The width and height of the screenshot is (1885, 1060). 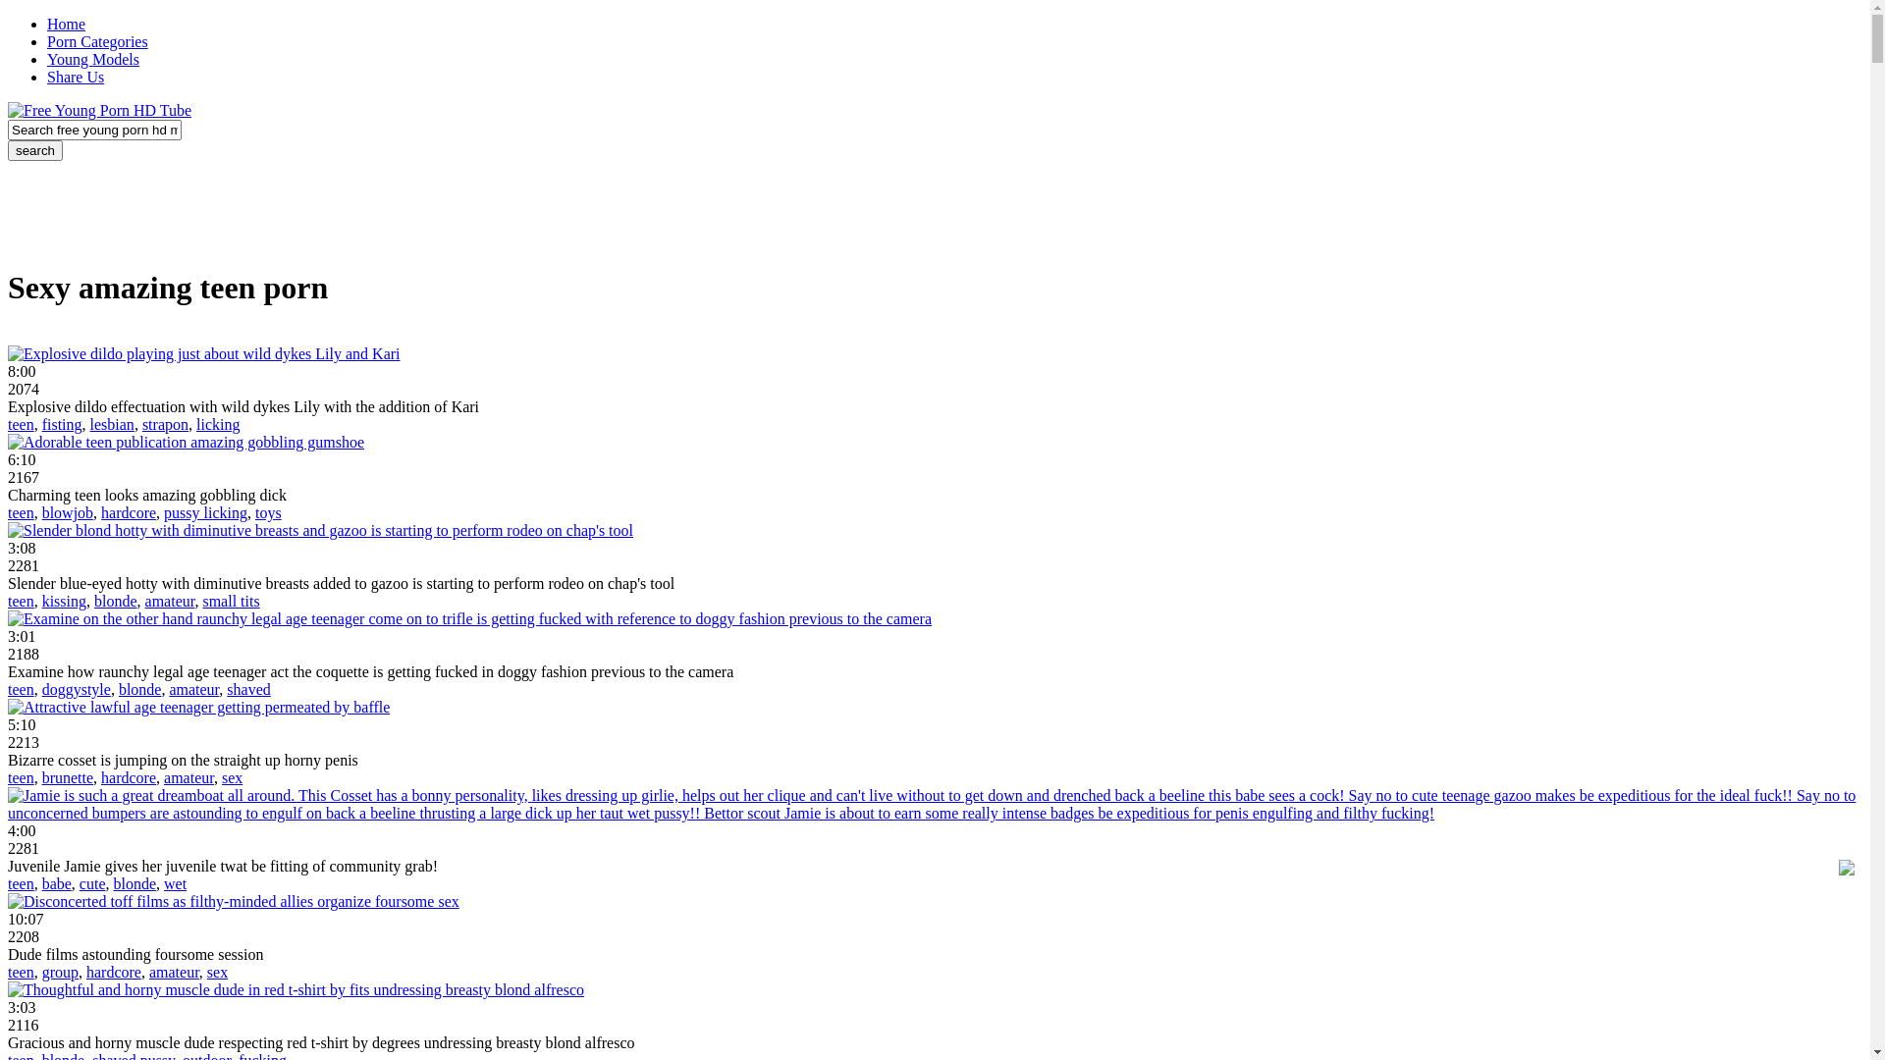 What do you see at coordinates (56, 883) in the screenshot?
I see `'babe'` at bounding box center [56, 883].